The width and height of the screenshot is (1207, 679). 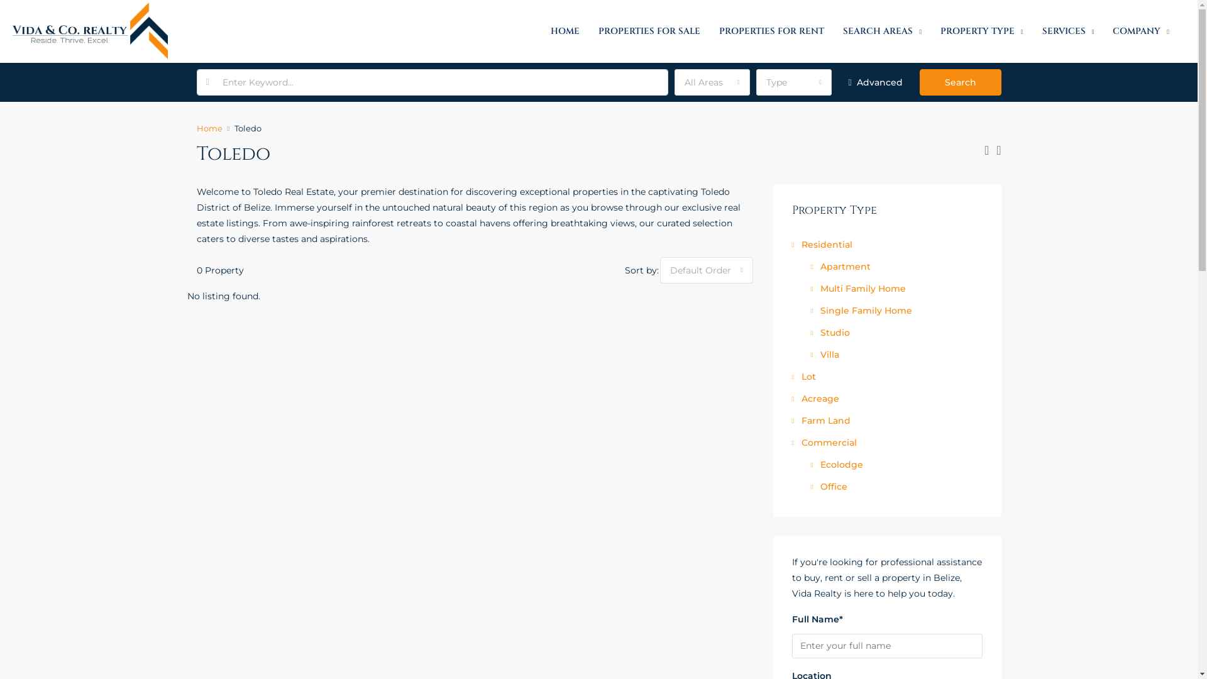 I want to click on 'COMPANY', so click(x=1103, y=31).